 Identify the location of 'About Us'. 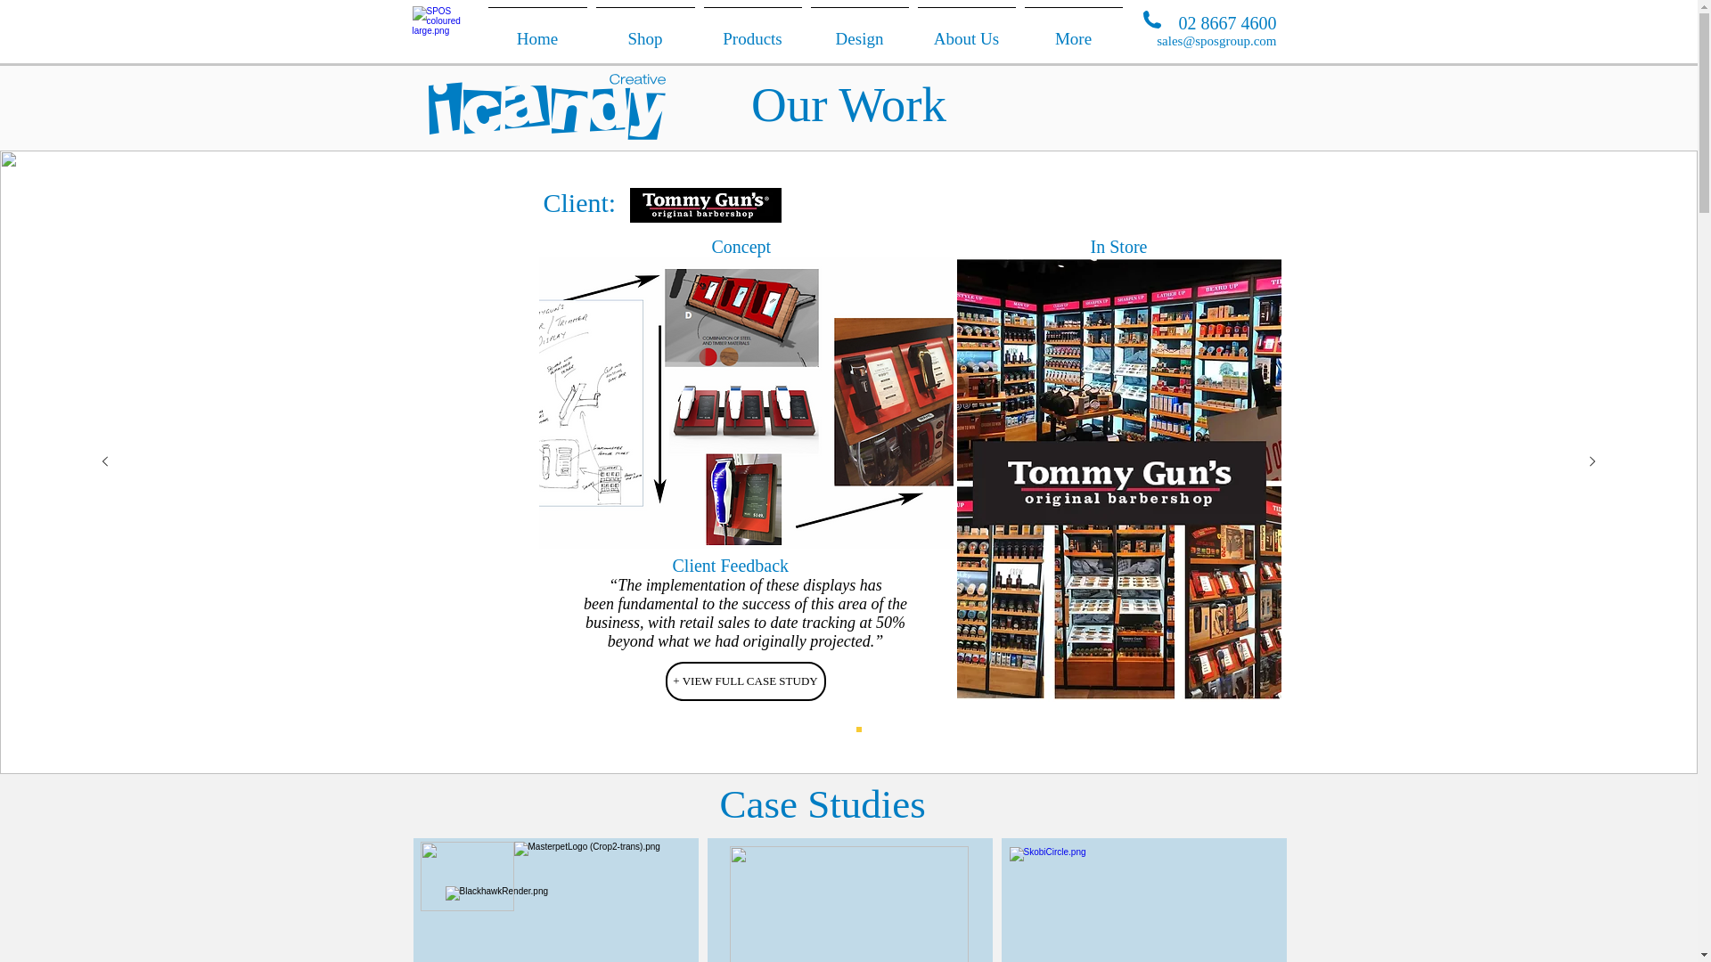
(965, 30).